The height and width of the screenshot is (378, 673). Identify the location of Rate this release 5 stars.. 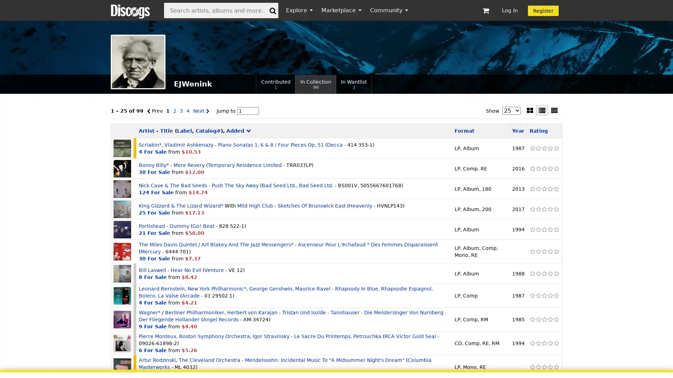
(556, 148).